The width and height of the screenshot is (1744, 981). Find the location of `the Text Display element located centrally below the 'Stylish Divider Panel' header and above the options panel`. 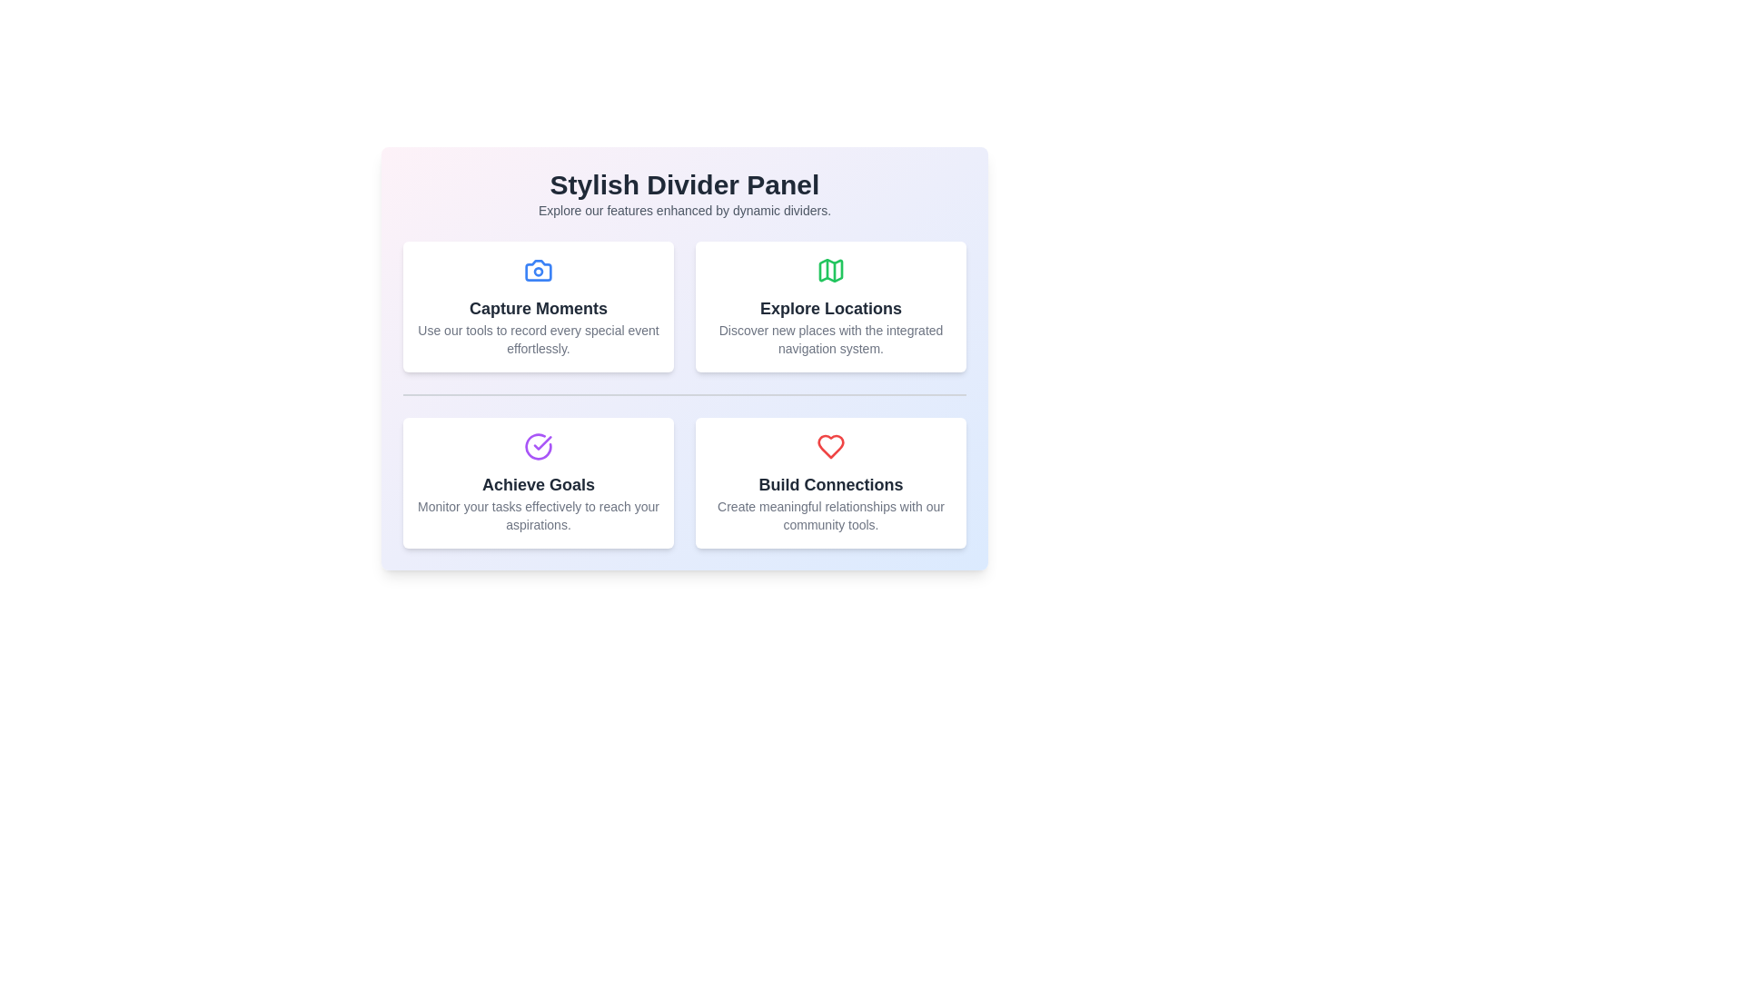

the Text Display element located centrally below the 'Stylish Divider Panel' header and above the options panel is located at coordinates (683, 209).